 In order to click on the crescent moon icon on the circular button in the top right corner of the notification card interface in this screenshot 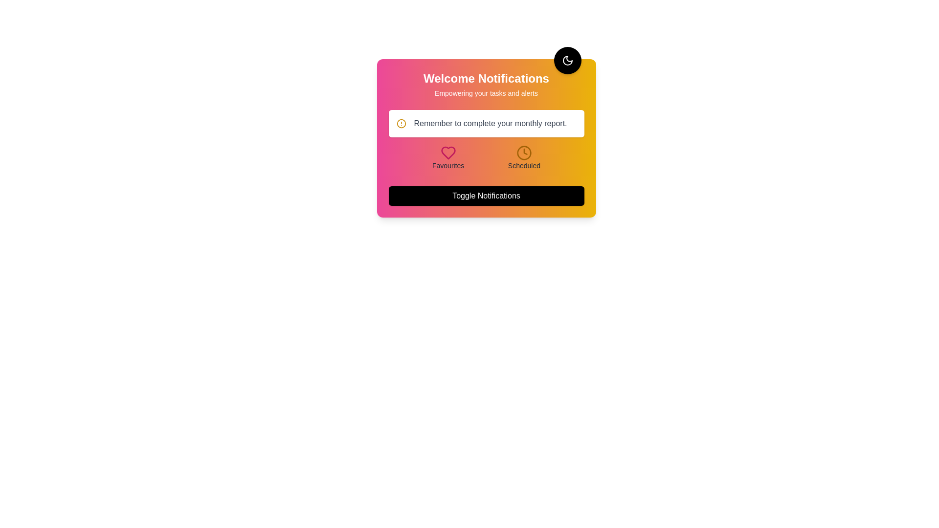, I will do `click(567, 60)`.